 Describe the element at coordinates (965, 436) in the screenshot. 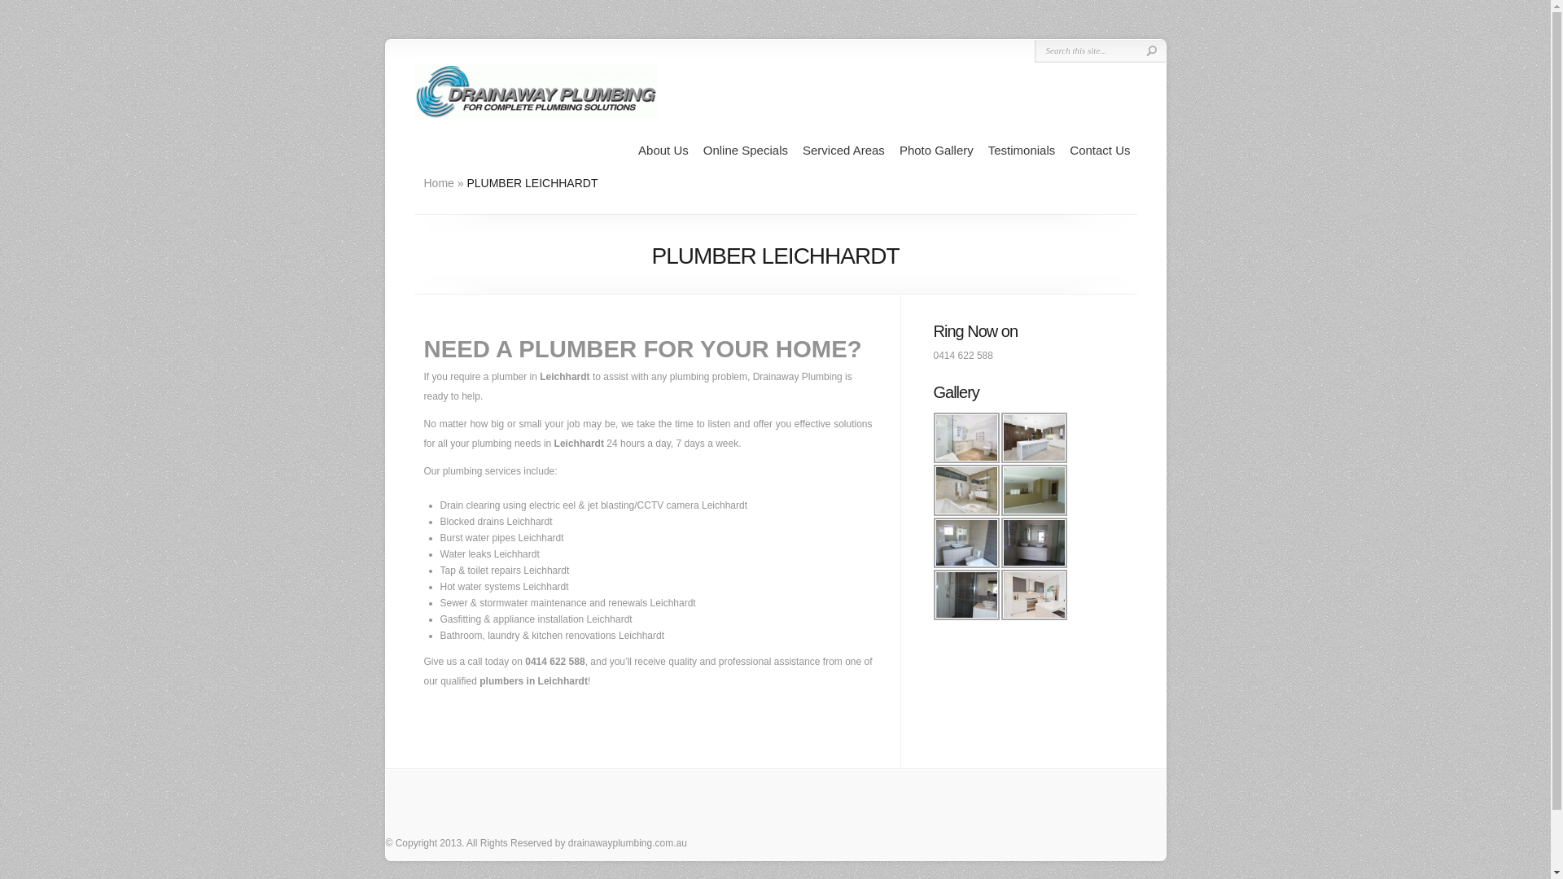

I see `'dsc0002-1'` at that location.